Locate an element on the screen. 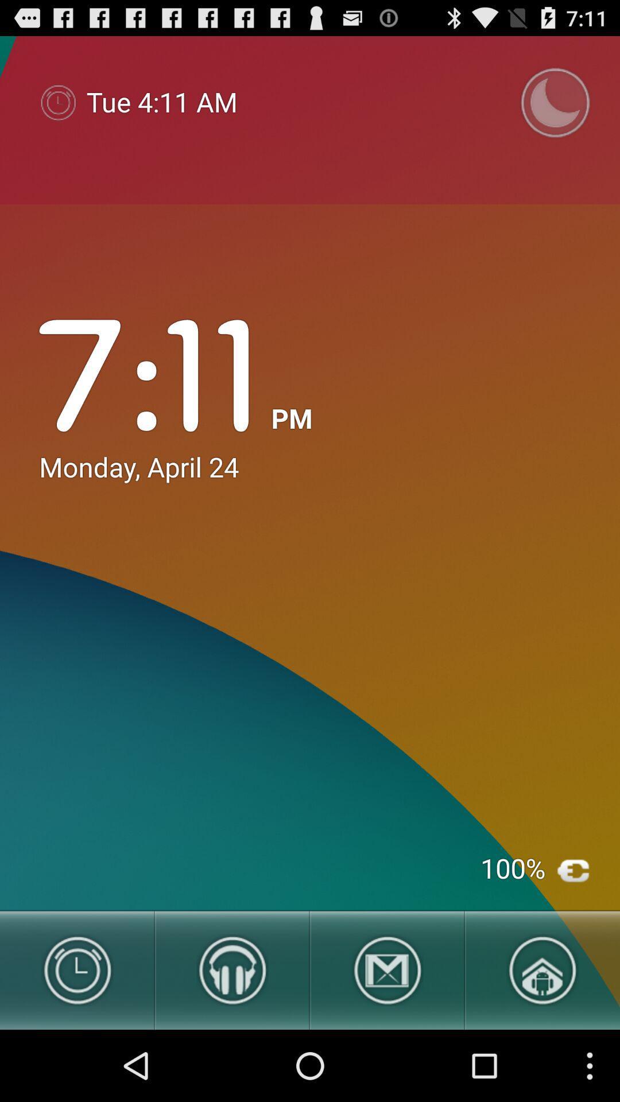 The height and width of the screenshot is (1102, 620). the button from the bottom right beside the mail box is located at coordinates (542, 969).